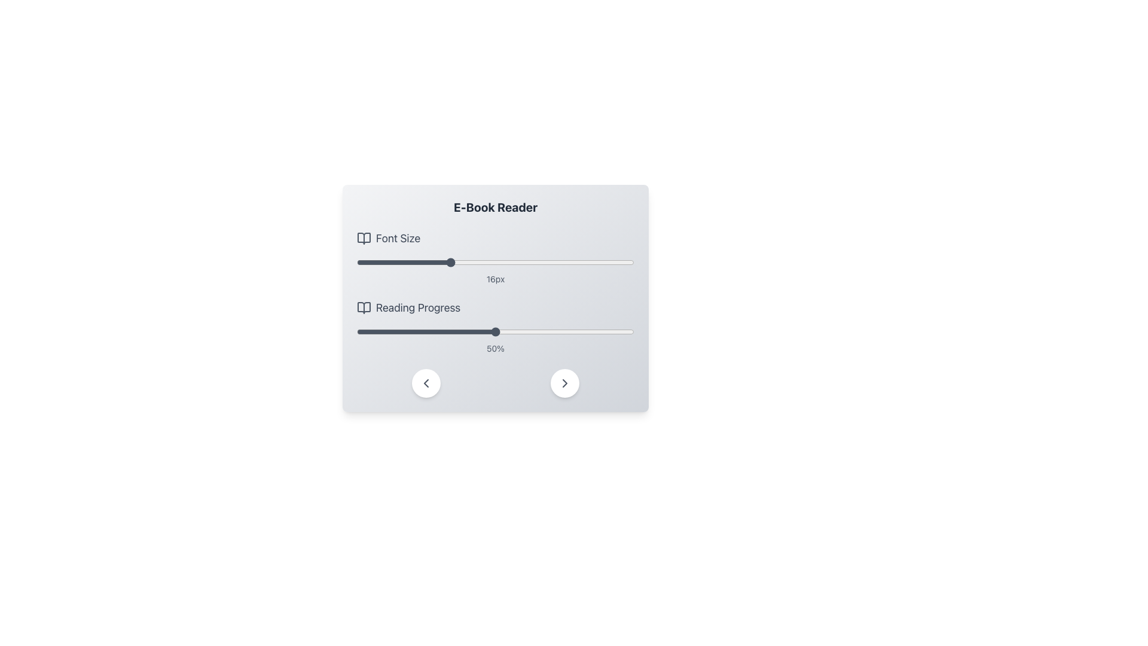 Image resolution: width=1148 pixels, height=646 pixels. I want to click on the reading progress, so click(496, 332).